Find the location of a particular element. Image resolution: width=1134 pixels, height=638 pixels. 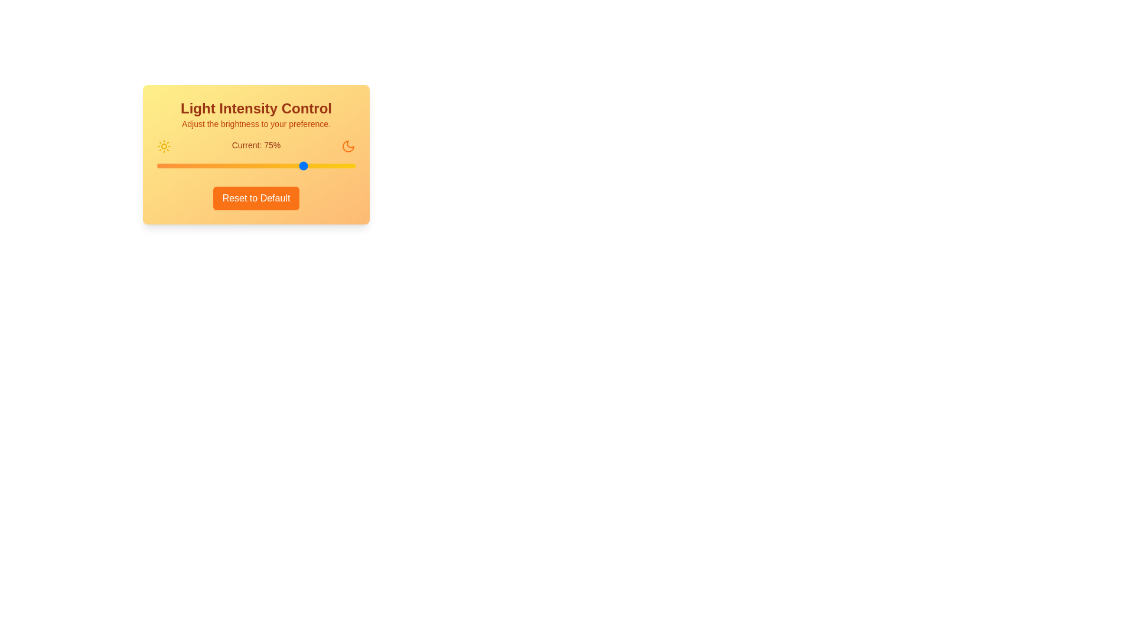

the light intensity to 7% by interacting with the slider is located at coordinates (170, 166).